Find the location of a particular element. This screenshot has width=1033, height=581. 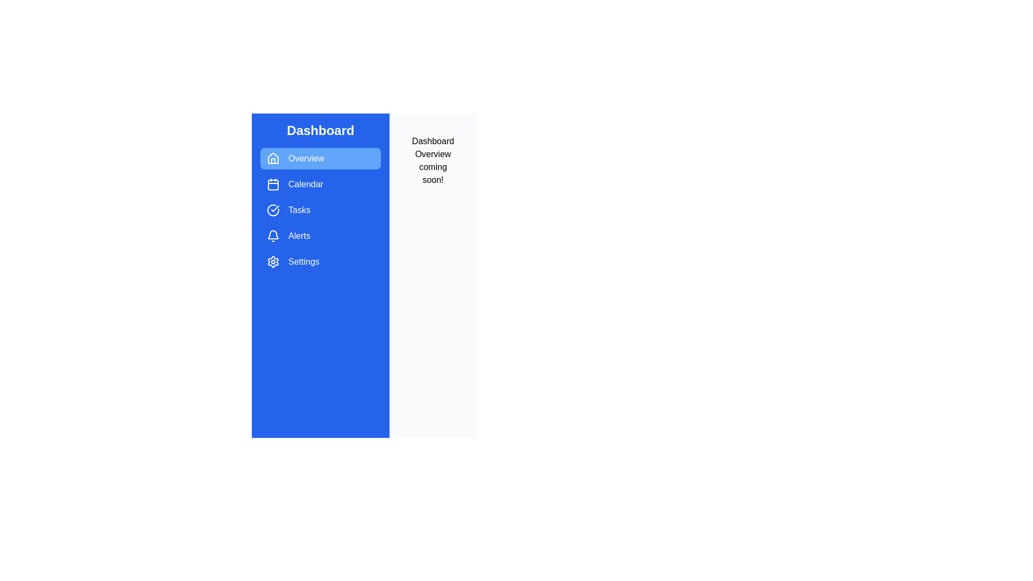

the 'Tasks' button with a blue background in the navigation menu, which is the third button below 'Calendar' and above 'Alerts', to trigger hover effects is located at coordinates (320, 210).